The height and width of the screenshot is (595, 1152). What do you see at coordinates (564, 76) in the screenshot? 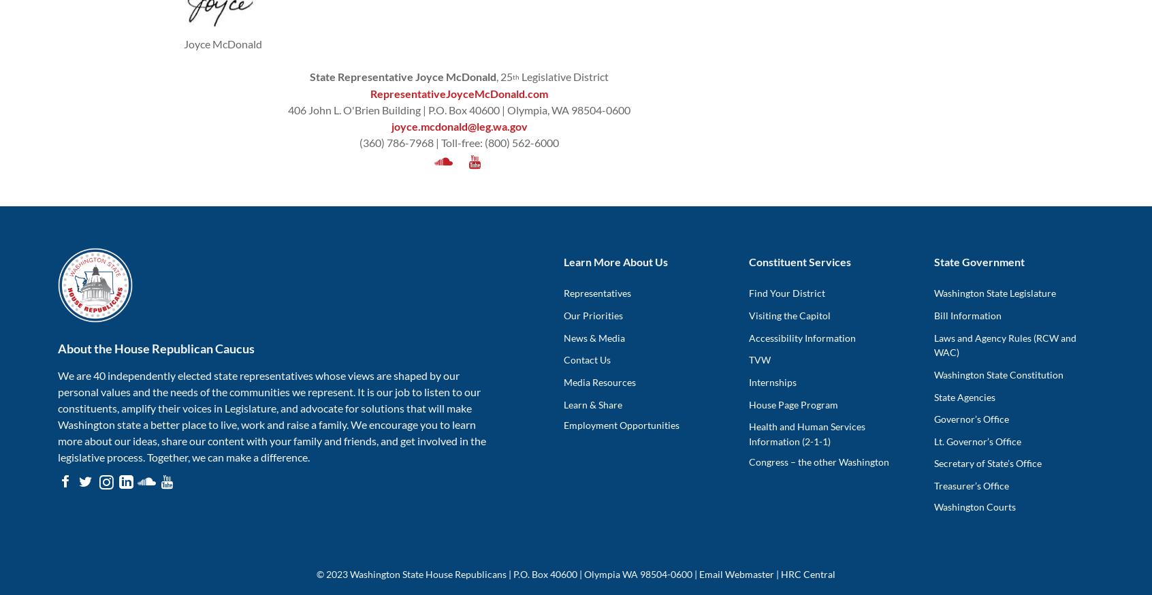
I see `'Legislative District'` at bounding box center [564, 76].